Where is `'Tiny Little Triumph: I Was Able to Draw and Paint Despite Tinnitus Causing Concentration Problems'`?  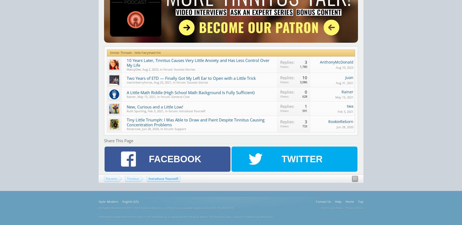
'Tiny Little Triumph: I Was Able to Draw and Paint Despite Tinnitus Causing Concentration Problems' is located at coordinates (196, 122).